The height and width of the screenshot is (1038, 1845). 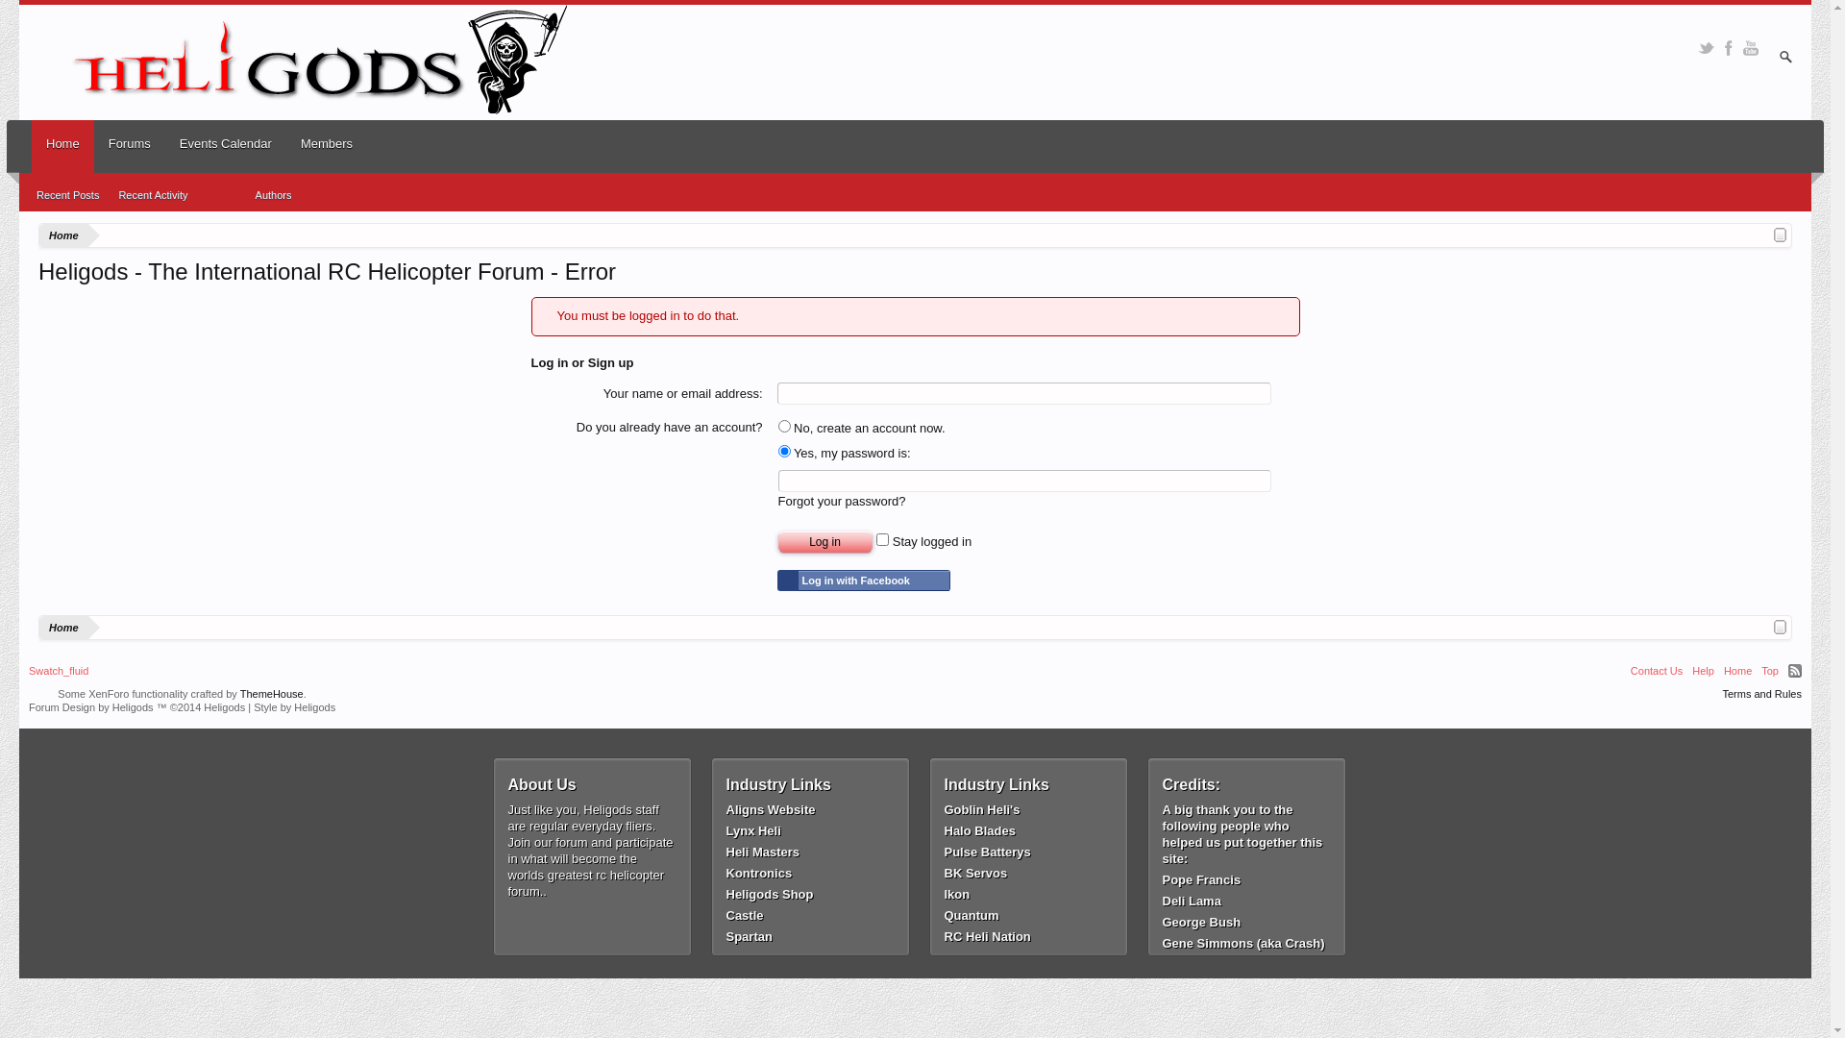 I want to click on 'Home', so click(x=62, y=147).